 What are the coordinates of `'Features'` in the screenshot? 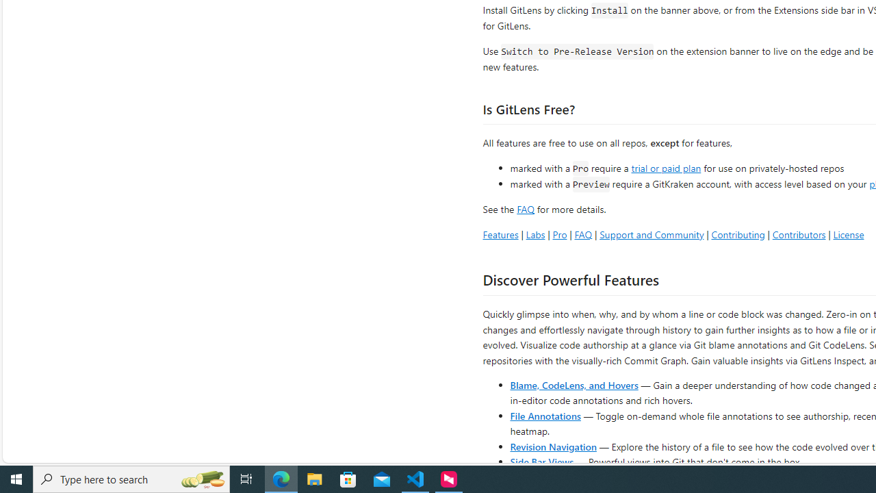 It's located at (500, 233).